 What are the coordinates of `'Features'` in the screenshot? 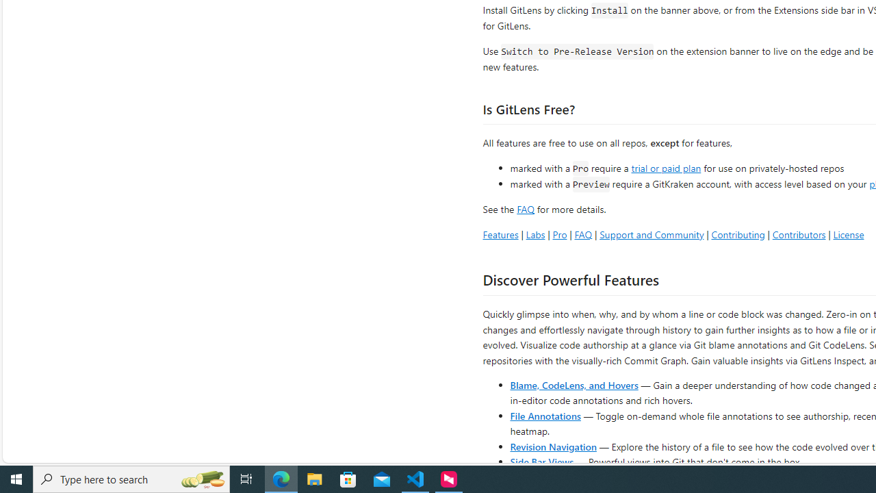 It's located at (500, 233).